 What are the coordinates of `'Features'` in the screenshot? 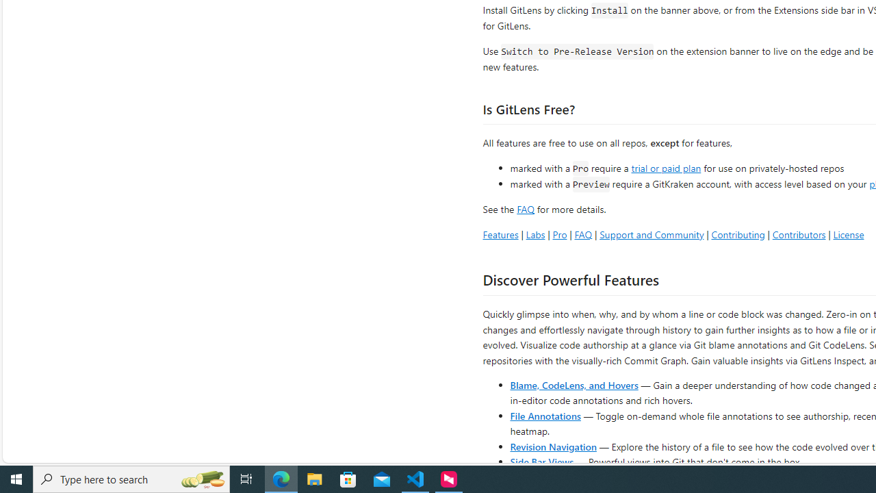 It's located at (500, 233).